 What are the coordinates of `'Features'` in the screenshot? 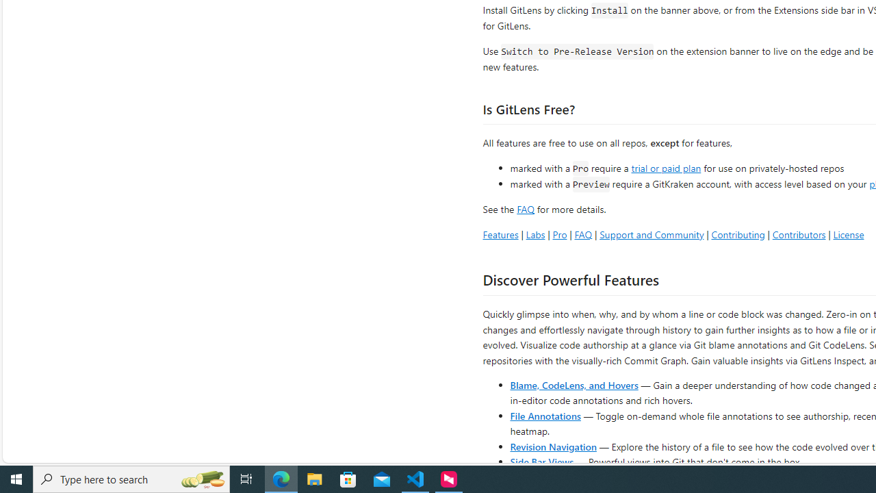 It's located at (500, 233).